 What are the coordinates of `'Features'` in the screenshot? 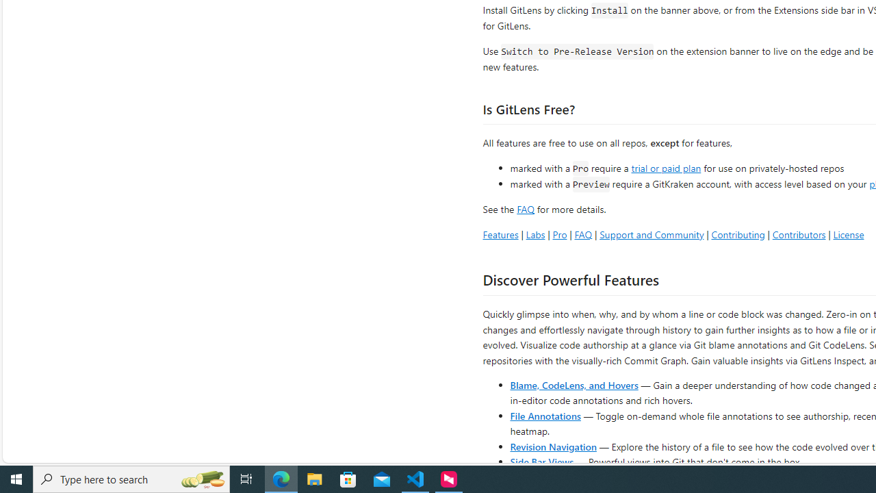 It's located at (500, 233).